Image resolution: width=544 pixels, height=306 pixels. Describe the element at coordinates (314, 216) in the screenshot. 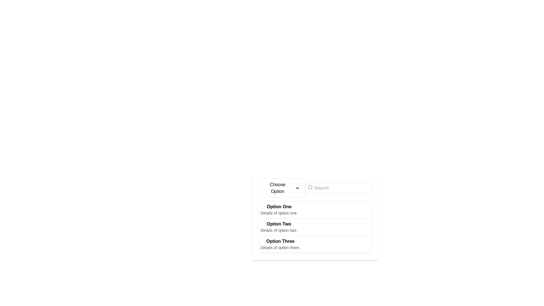

I see `the Dropdown menu options` at that location.